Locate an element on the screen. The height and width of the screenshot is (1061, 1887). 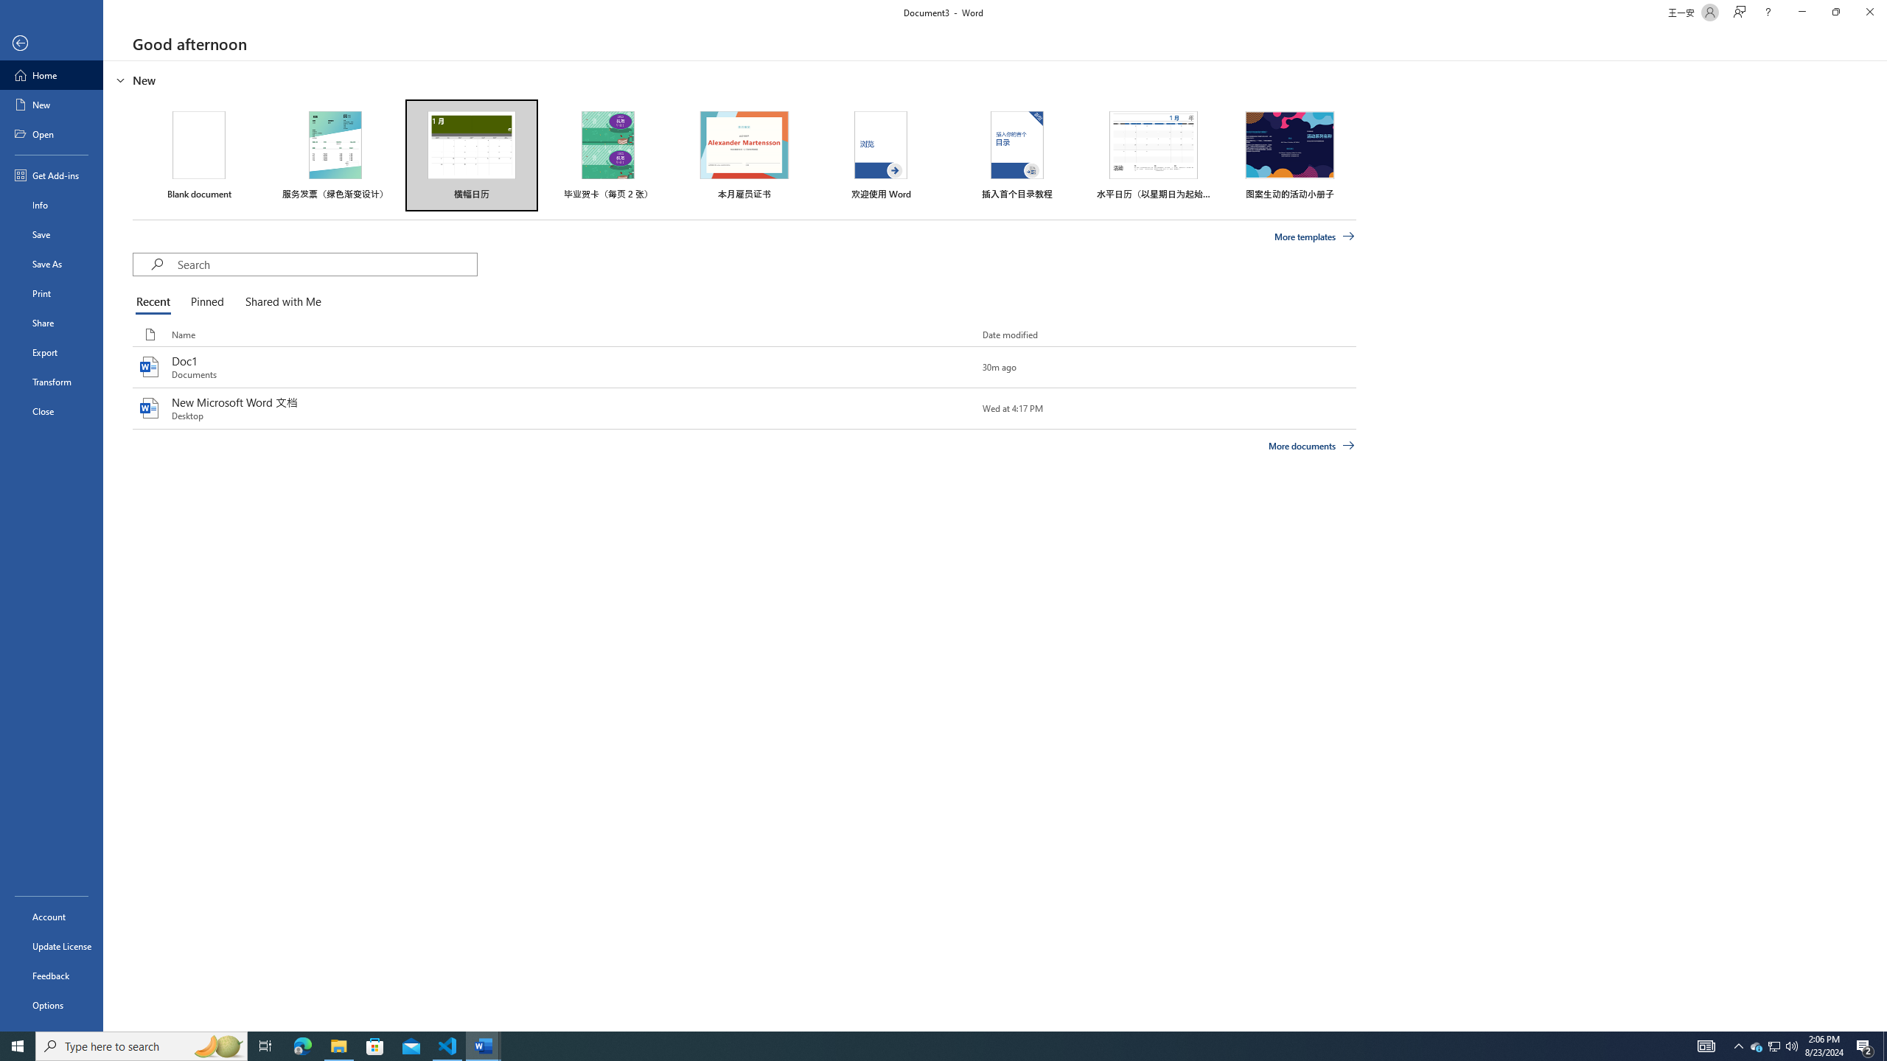
'Hide or show region' is located at coordinates (120, 79).